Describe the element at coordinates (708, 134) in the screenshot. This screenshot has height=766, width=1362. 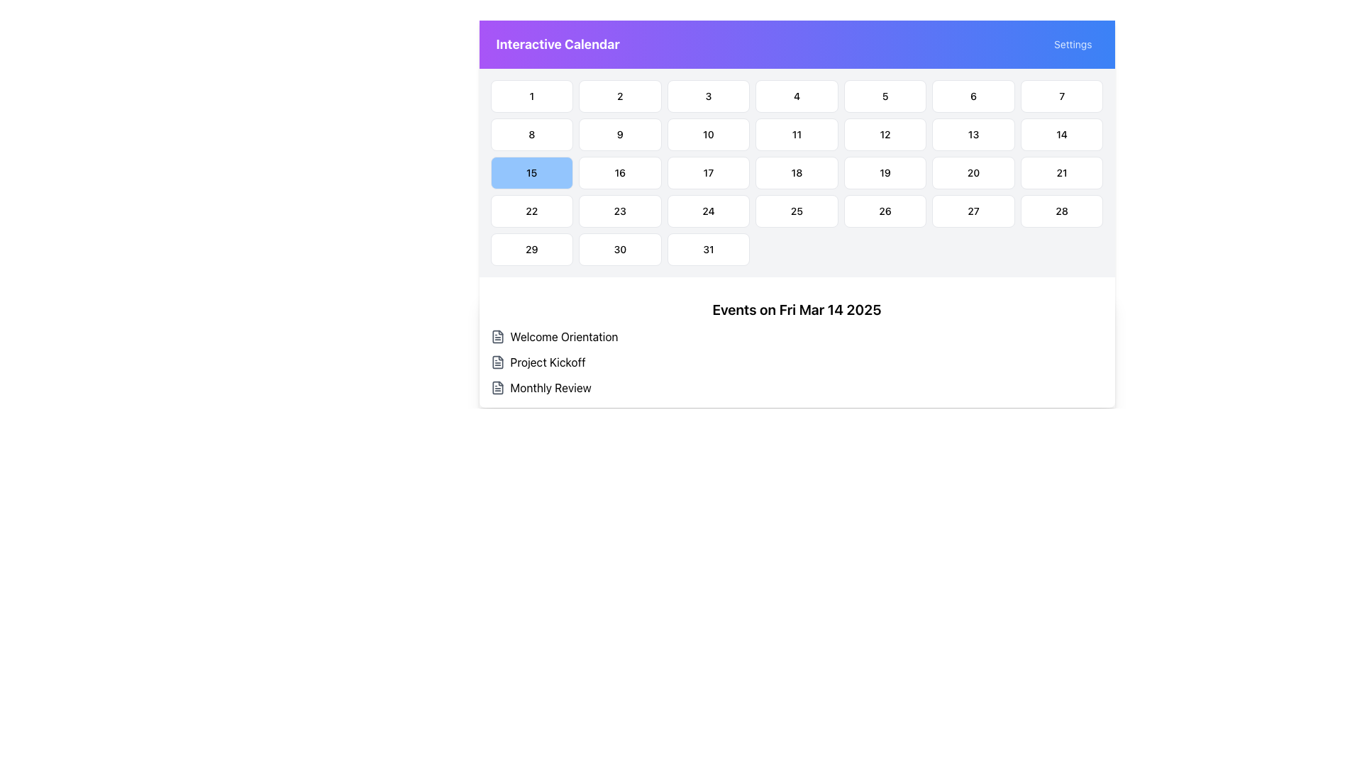
I see `the button representing the date '10' in the second row and third column of the monthly calendar view` at that location.